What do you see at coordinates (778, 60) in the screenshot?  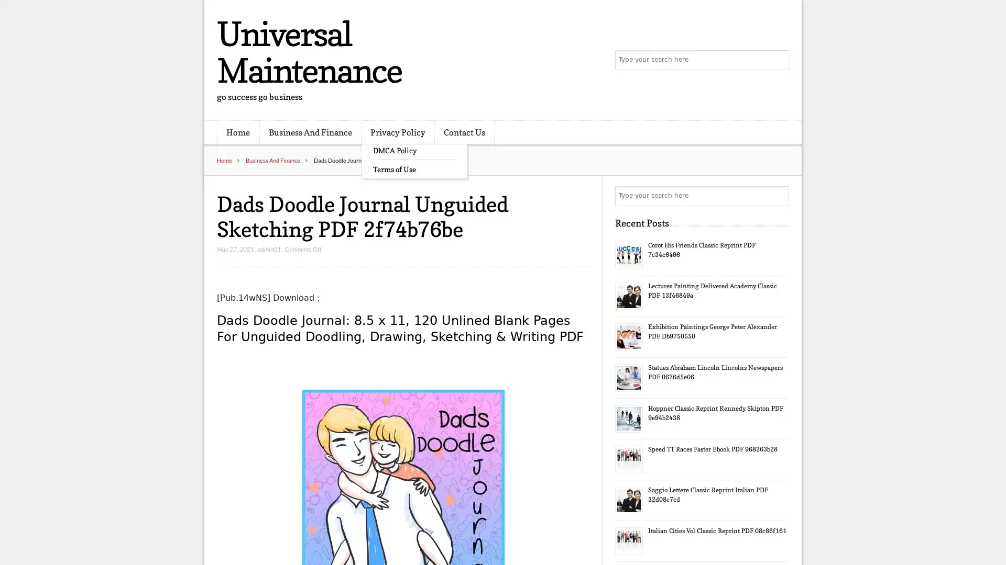 I see `Search` at bounding box center [778, 60].